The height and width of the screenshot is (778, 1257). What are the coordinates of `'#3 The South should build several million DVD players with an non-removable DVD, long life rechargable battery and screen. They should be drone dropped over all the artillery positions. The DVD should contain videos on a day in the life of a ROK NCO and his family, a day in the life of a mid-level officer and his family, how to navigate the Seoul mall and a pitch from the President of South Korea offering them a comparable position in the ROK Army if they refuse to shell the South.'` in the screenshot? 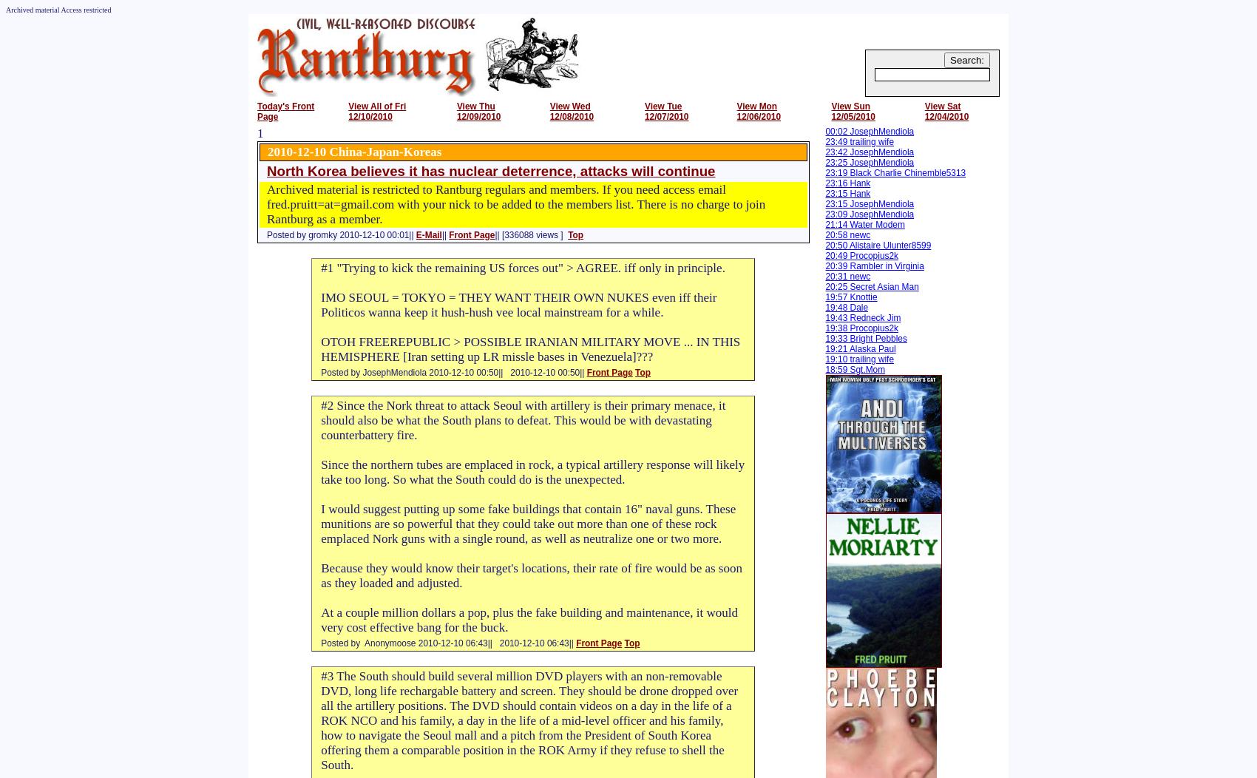 It's located at (529, 720).